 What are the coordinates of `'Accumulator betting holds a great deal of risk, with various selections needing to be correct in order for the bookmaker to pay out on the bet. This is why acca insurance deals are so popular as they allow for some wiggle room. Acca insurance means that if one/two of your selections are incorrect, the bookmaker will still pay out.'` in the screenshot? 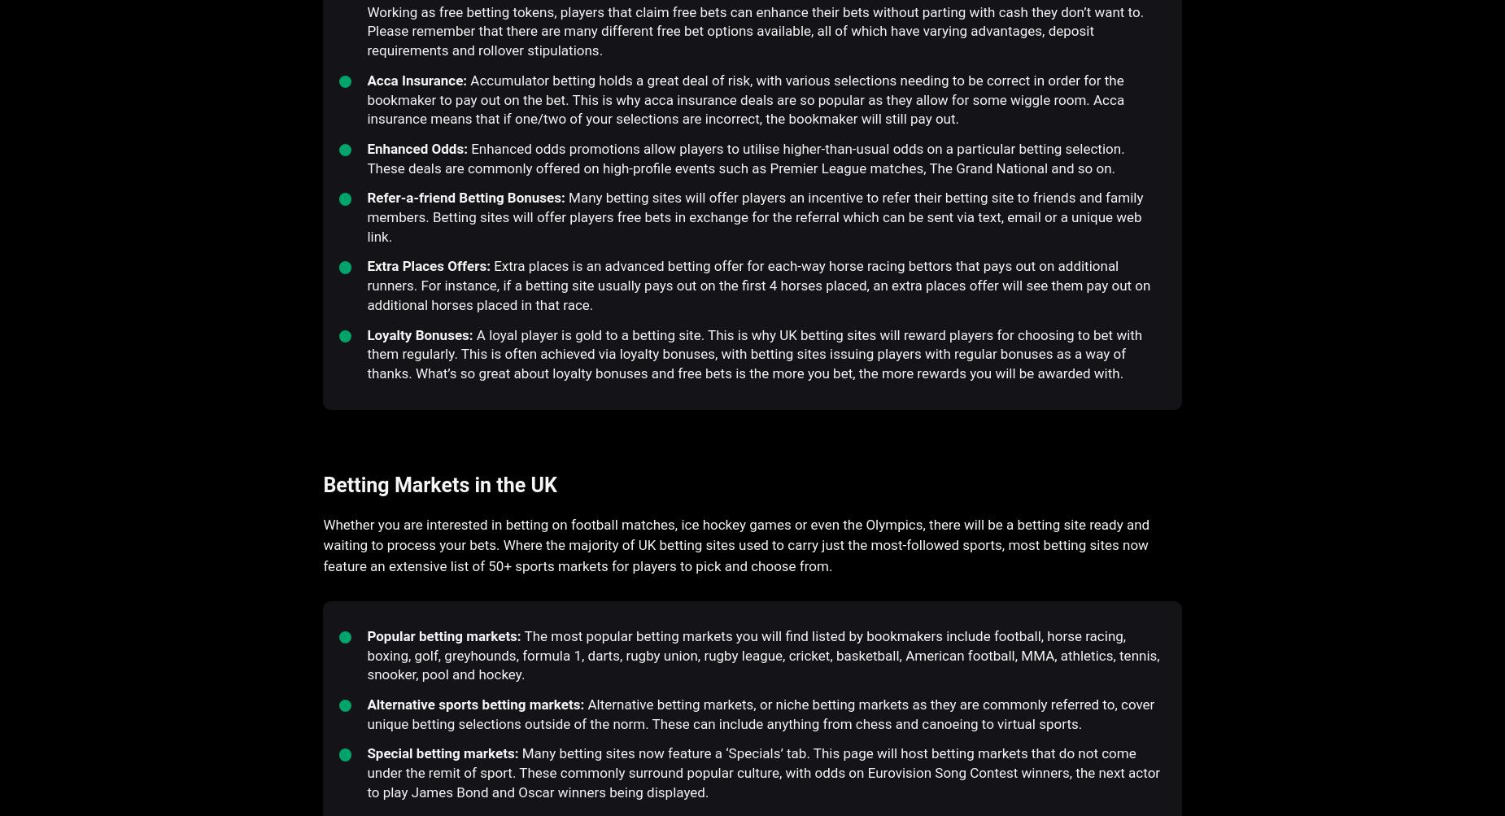 It's located at (366, 98).